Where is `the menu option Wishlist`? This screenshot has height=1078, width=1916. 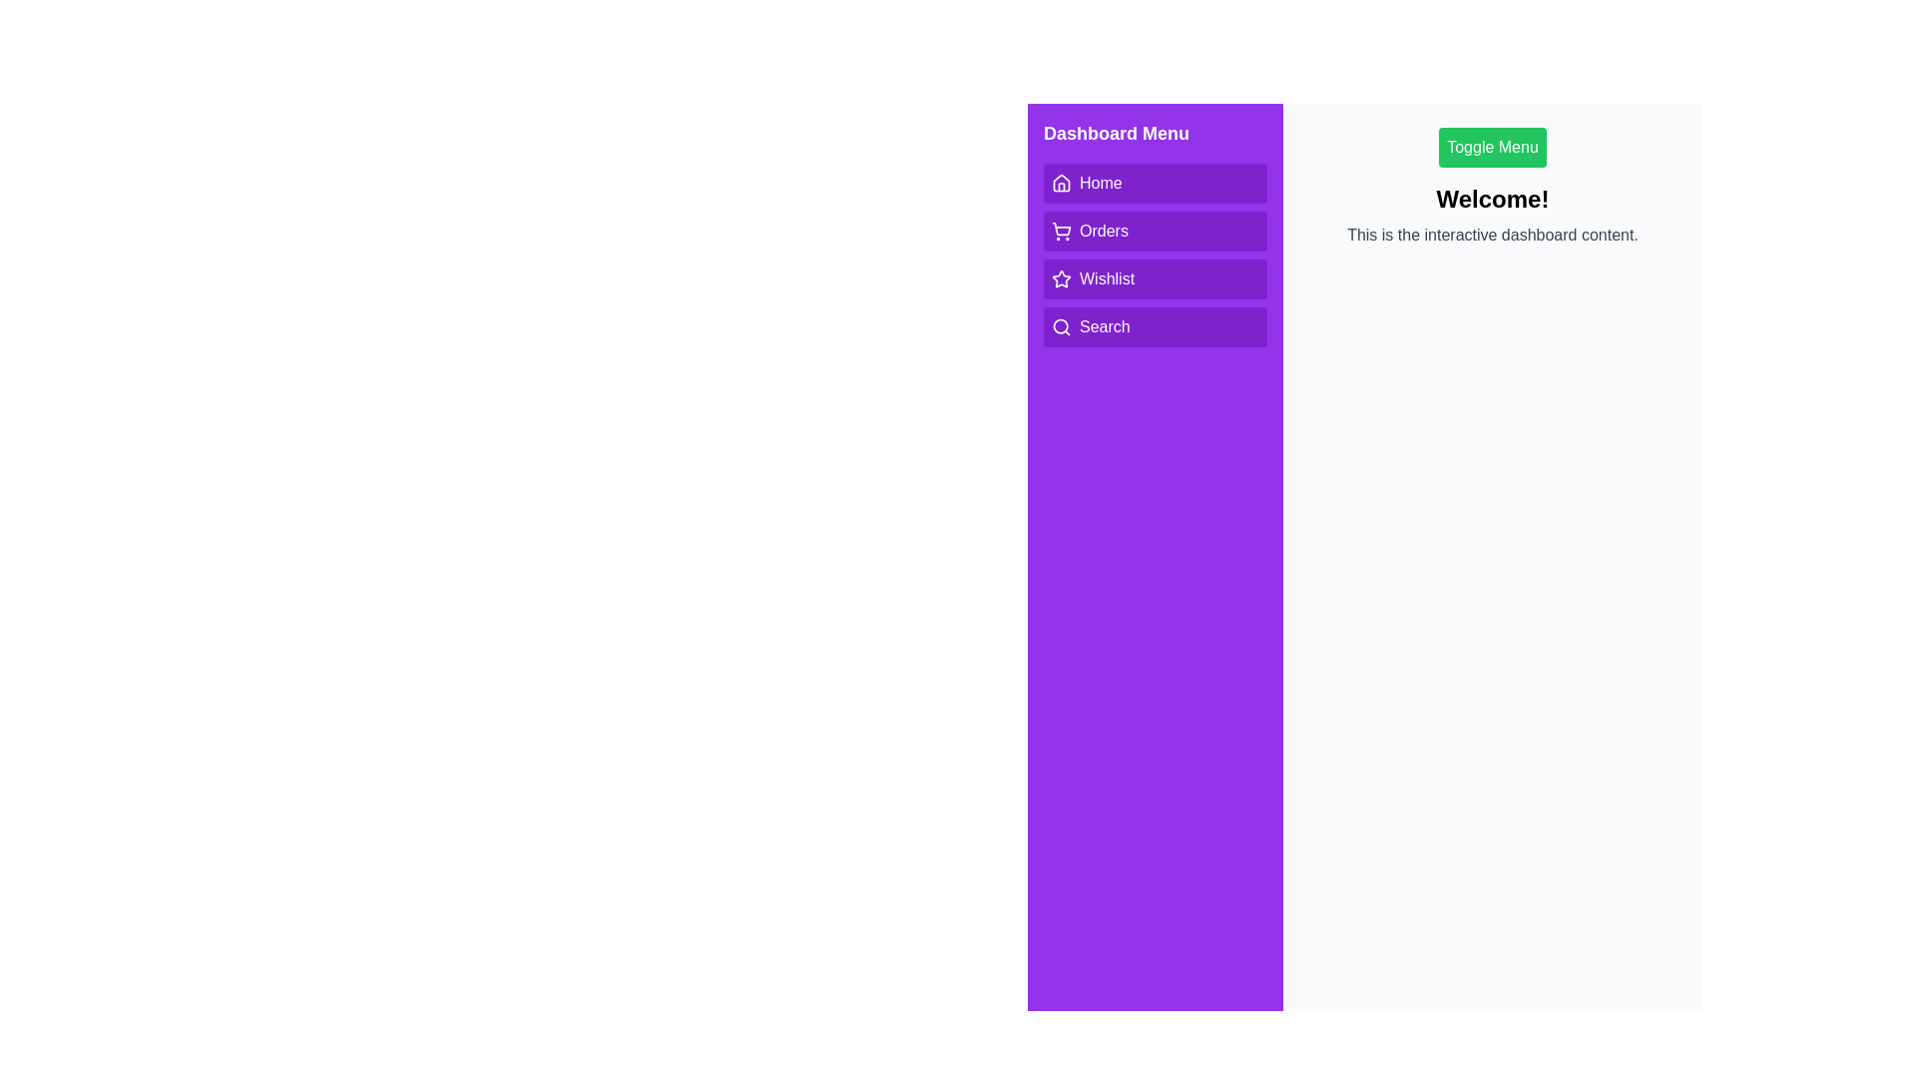 the menu option Wishlist is located at coordinates (1155, 279).